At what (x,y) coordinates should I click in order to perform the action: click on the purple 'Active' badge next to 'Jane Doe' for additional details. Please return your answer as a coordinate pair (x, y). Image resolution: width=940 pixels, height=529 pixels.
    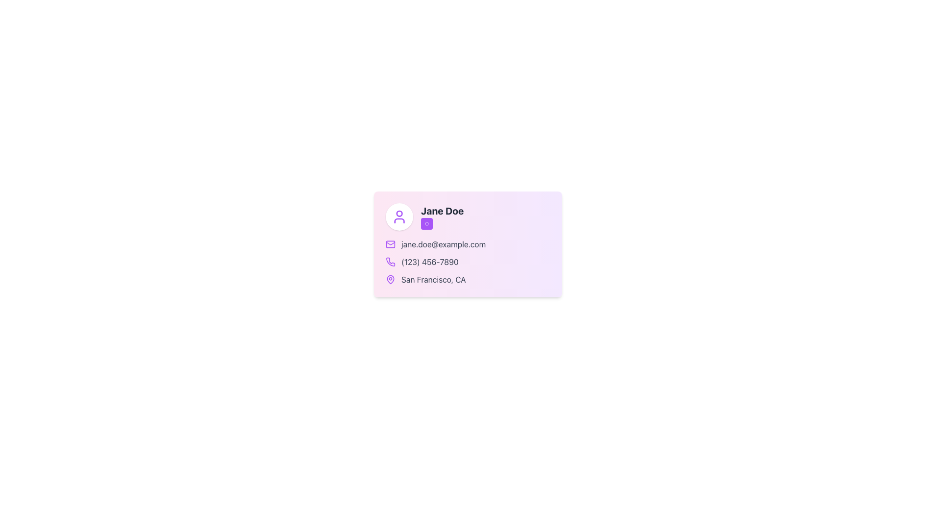
    Looking at the image, I should click on (442, 216).